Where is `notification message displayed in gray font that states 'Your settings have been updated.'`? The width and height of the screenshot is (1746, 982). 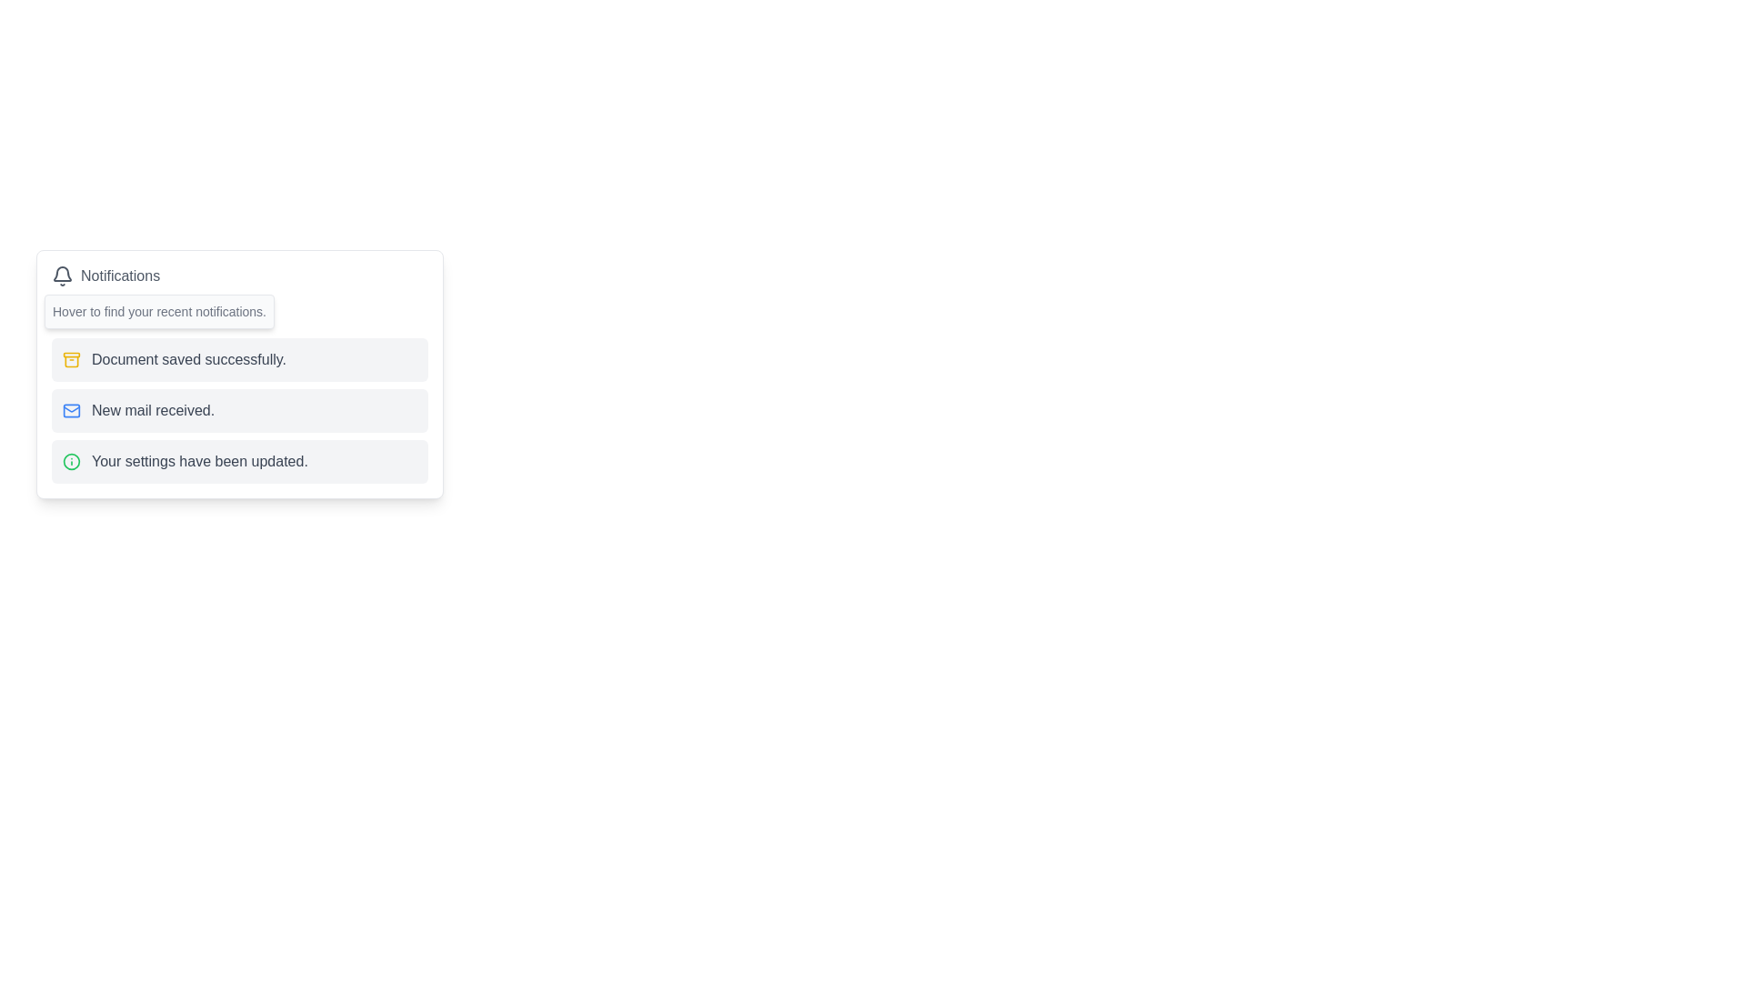
notification message displayed in gray font that states 'Your settings have been updated.' is located at coordinates (199, 461).